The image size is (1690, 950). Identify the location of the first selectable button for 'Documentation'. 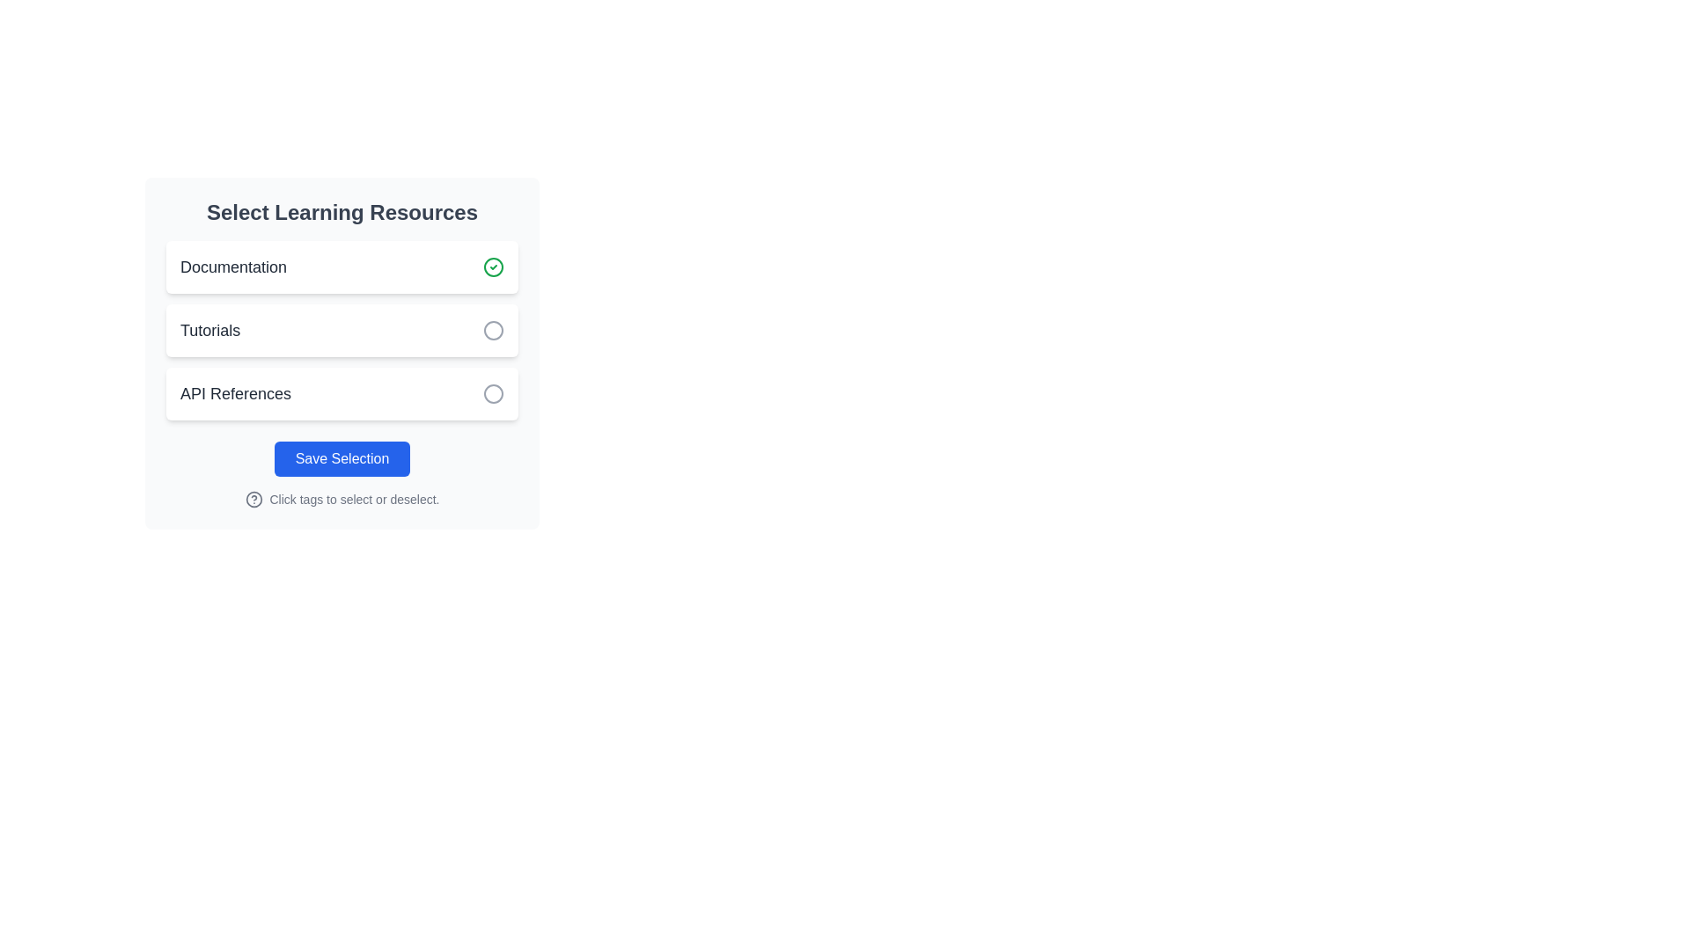
(342, 267).